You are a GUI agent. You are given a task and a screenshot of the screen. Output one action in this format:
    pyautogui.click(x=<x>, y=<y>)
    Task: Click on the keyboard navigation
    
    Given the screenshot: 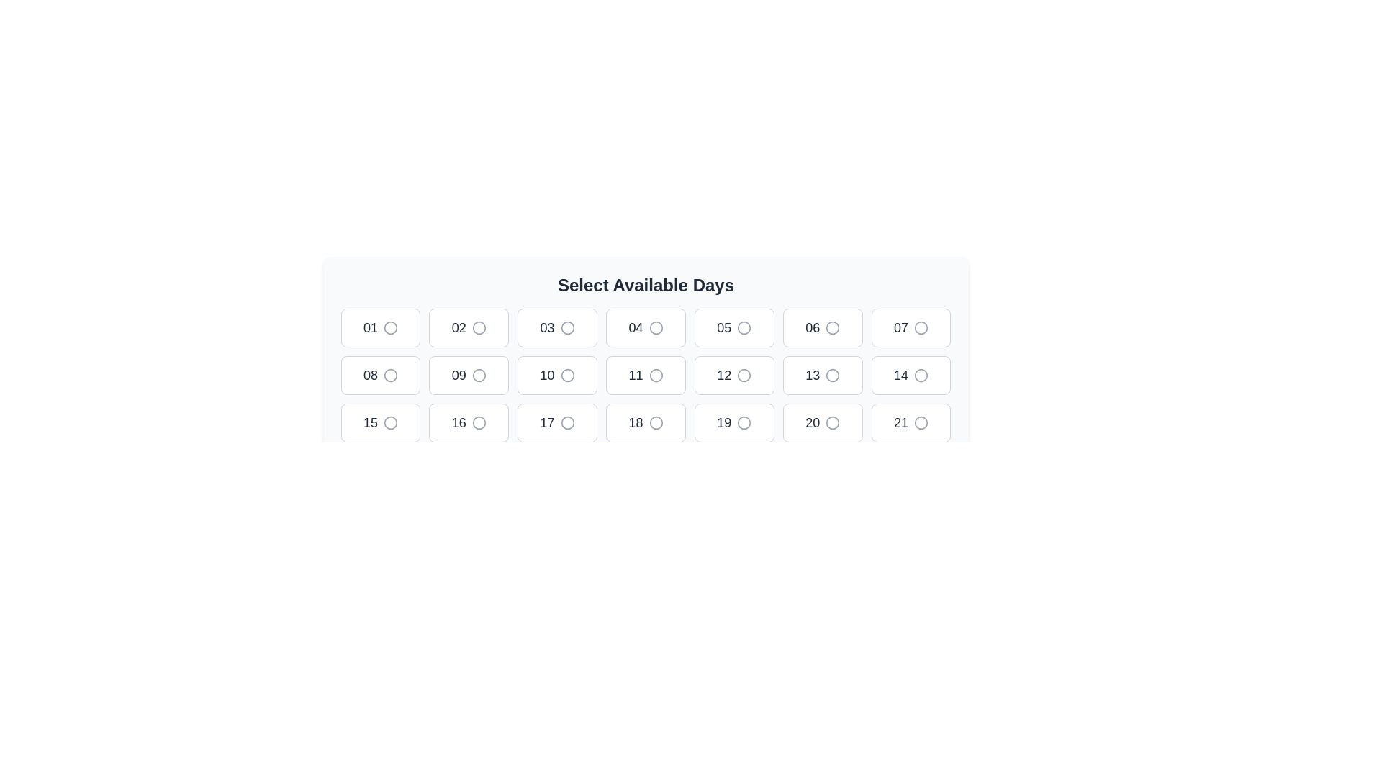 What is the action you would take?
    pyautogui.click(x=911, y=374)
    